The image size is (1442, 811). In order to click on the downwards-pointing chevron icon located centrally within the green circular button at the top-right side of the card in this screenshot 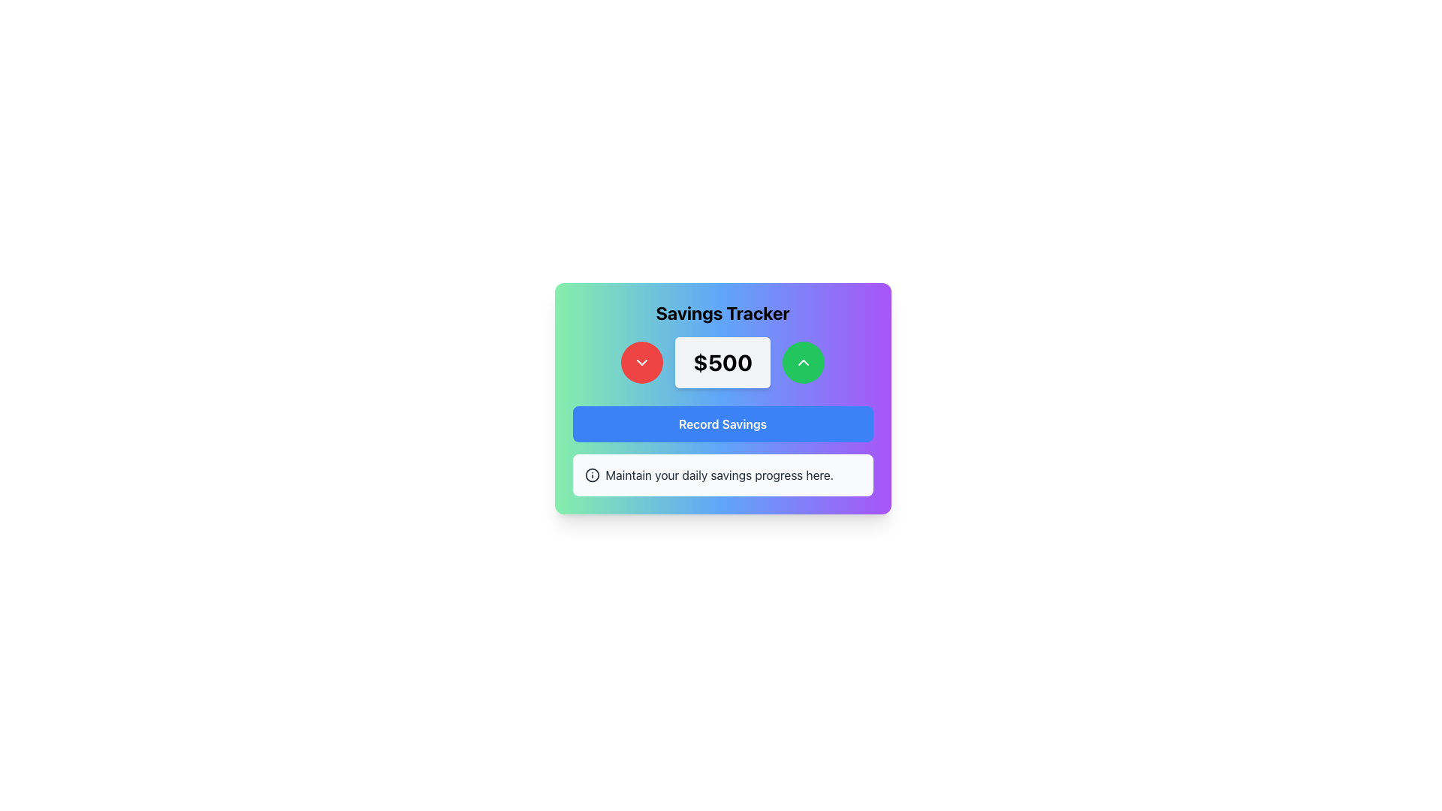, I will do `click(641, 362)`.